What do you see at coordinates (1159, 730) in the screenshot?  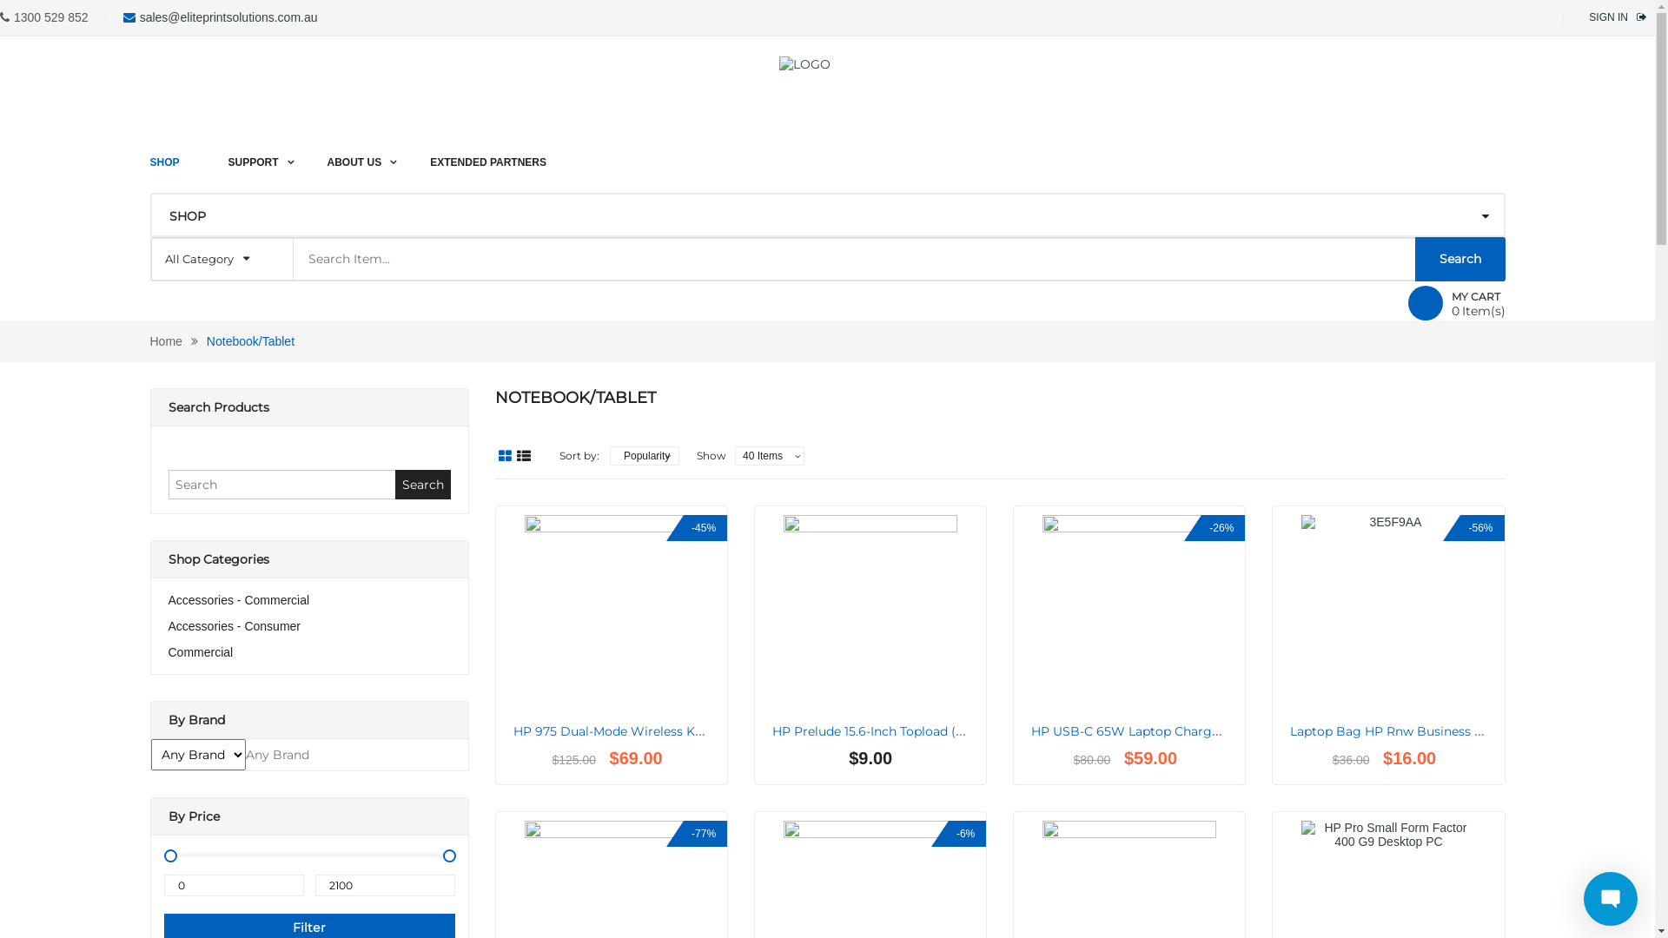 I see `'HP USB-C 65W Laptop Charger (671R3AA)'` at bounding box center [1159, 730].